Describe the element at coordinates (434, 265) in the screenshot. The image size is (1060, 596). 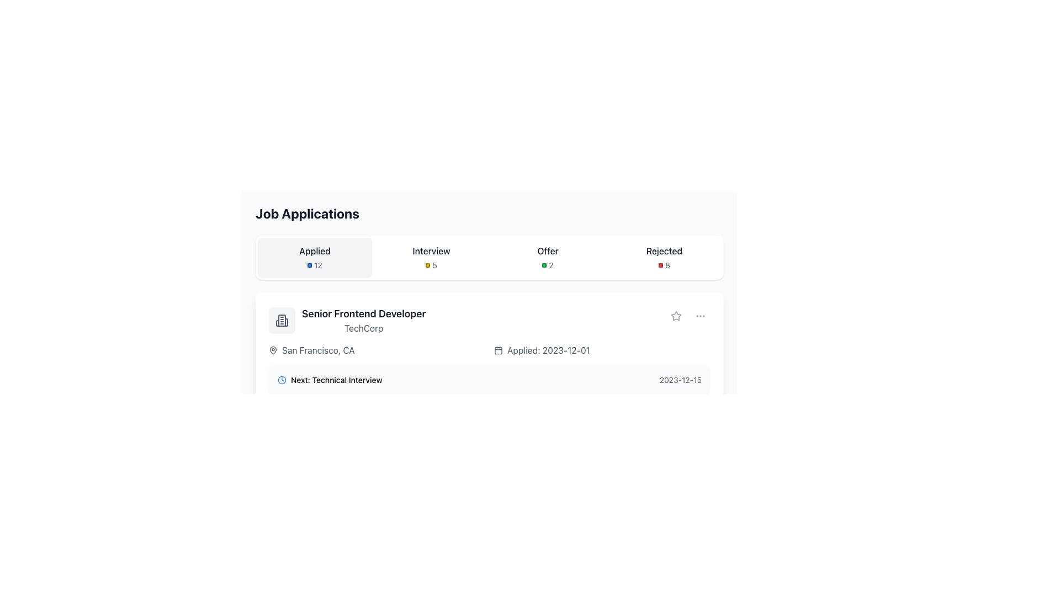
I see `the static text display that indicates the count of interviews within the 'Interview' section of the job application statuses` at that location.